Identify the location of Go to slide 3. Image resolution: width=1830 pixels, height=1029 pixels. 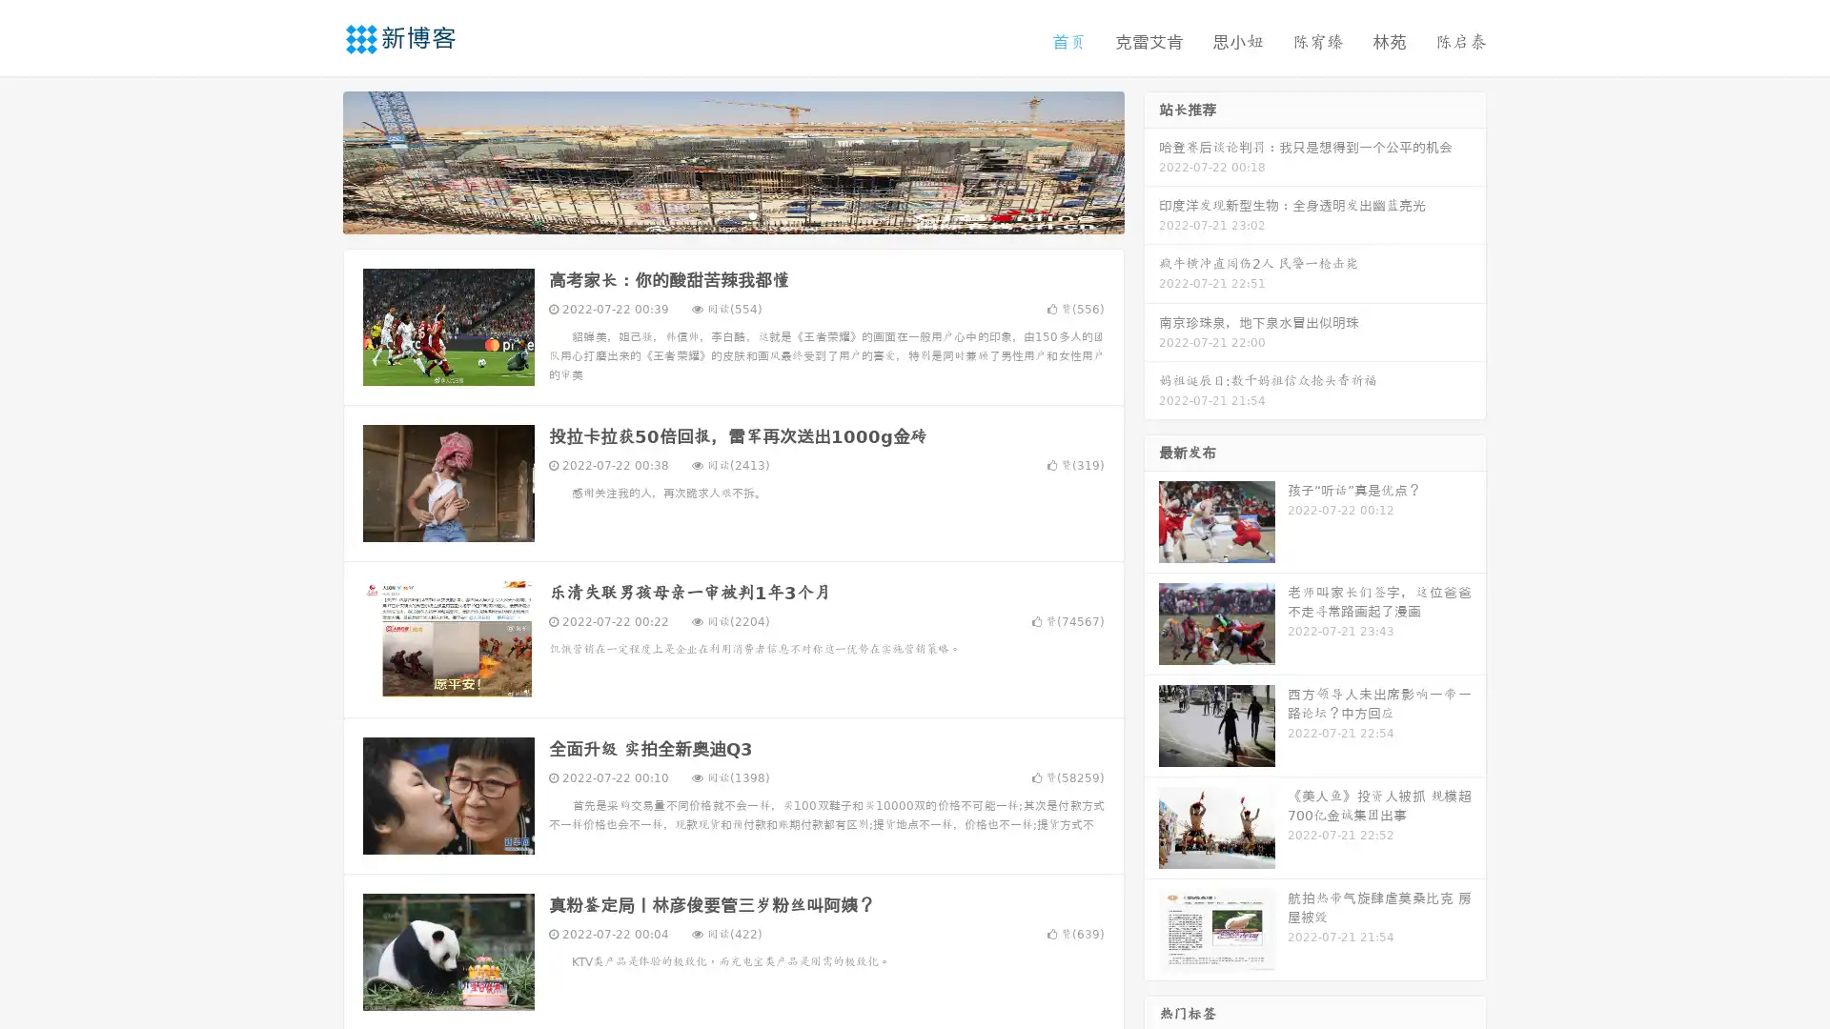
(752, 214).